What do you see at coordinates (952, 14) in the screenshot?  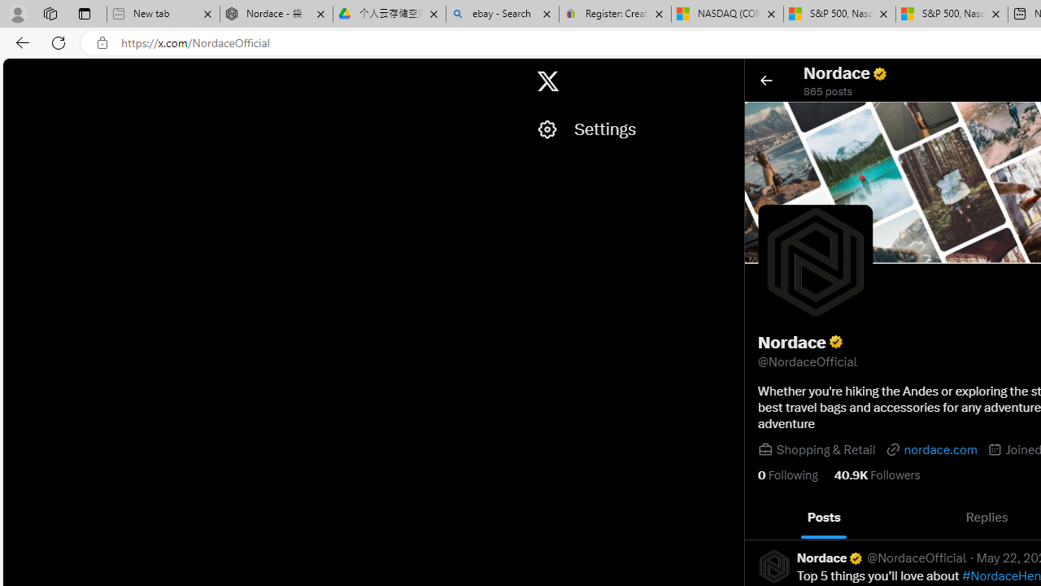 I see `'S&P 500, Nasdaq end lower, weighed by Nvidia dip | Watch'` at bounding box center [952, 14].